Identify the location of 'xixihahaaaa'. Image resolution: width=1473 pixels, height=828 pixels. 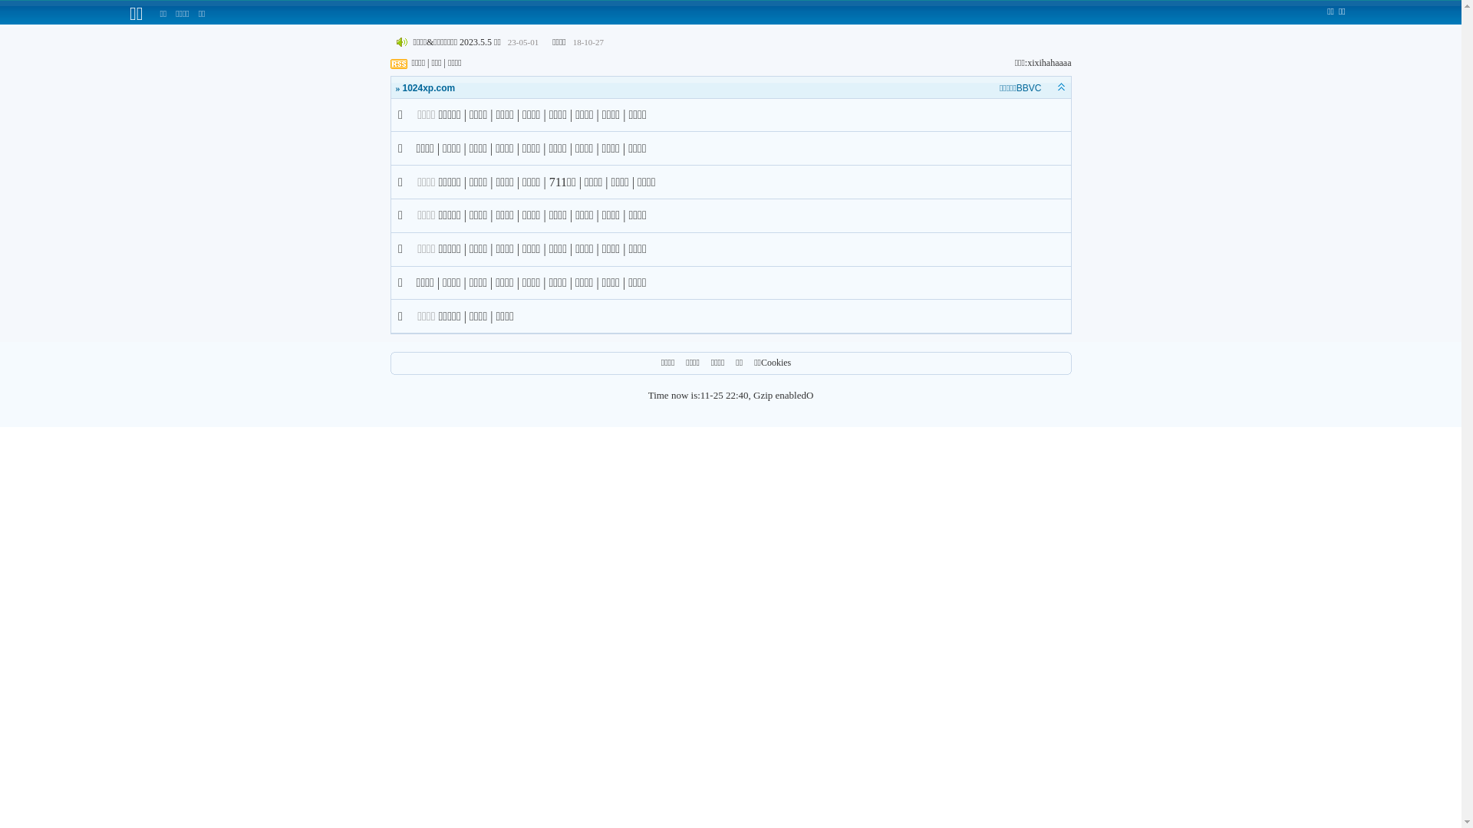
(1048, 61).